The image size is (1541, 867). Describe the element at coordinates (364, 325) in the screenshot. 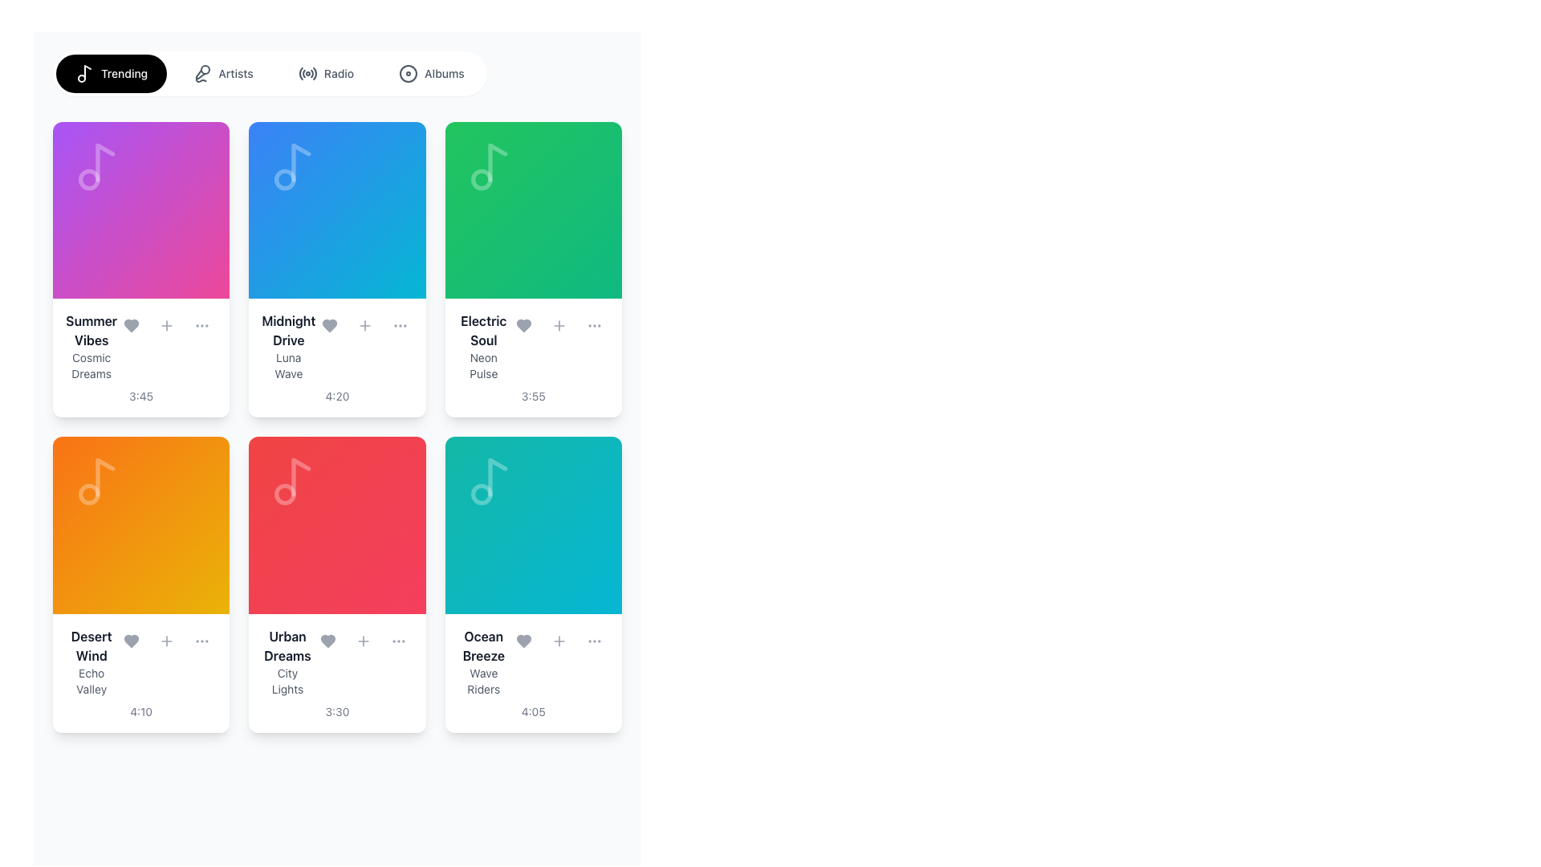

I see `the circular button with a plus icon located adjacent to the heart-shaped button in the second card under the title 'Midnight Drive'` at that location.